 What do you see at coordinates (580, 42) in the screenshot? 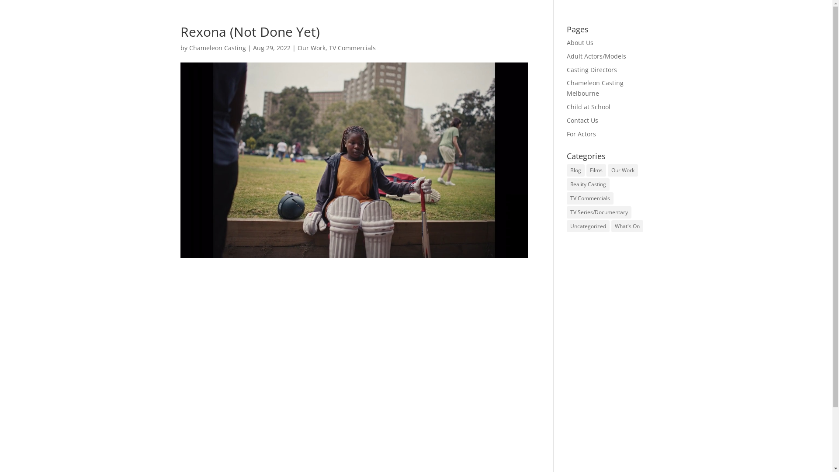
I see `'About Us'` at bounding box center [580, 42].